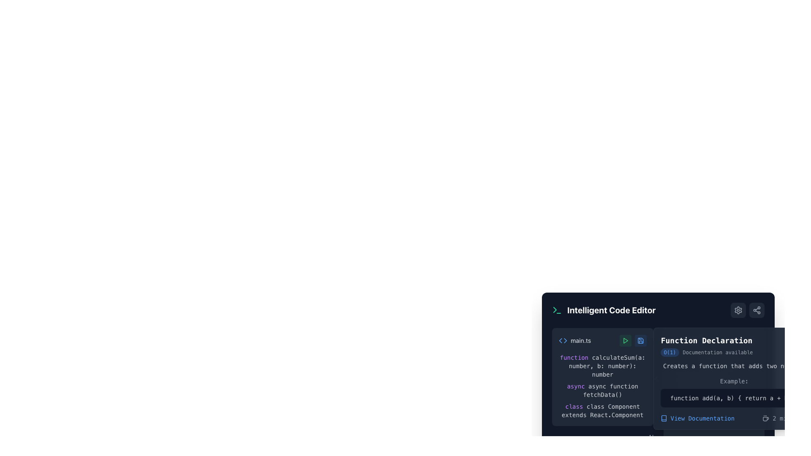 Image resolution: width=811 pixels, height=456 pixels. What do you see at coordinates (574, 358) in the screenshot?
I see `the textual keyword 'function' located at the beginning of the function declaration for 'calculateSum'` at bounding box center [574, 358].